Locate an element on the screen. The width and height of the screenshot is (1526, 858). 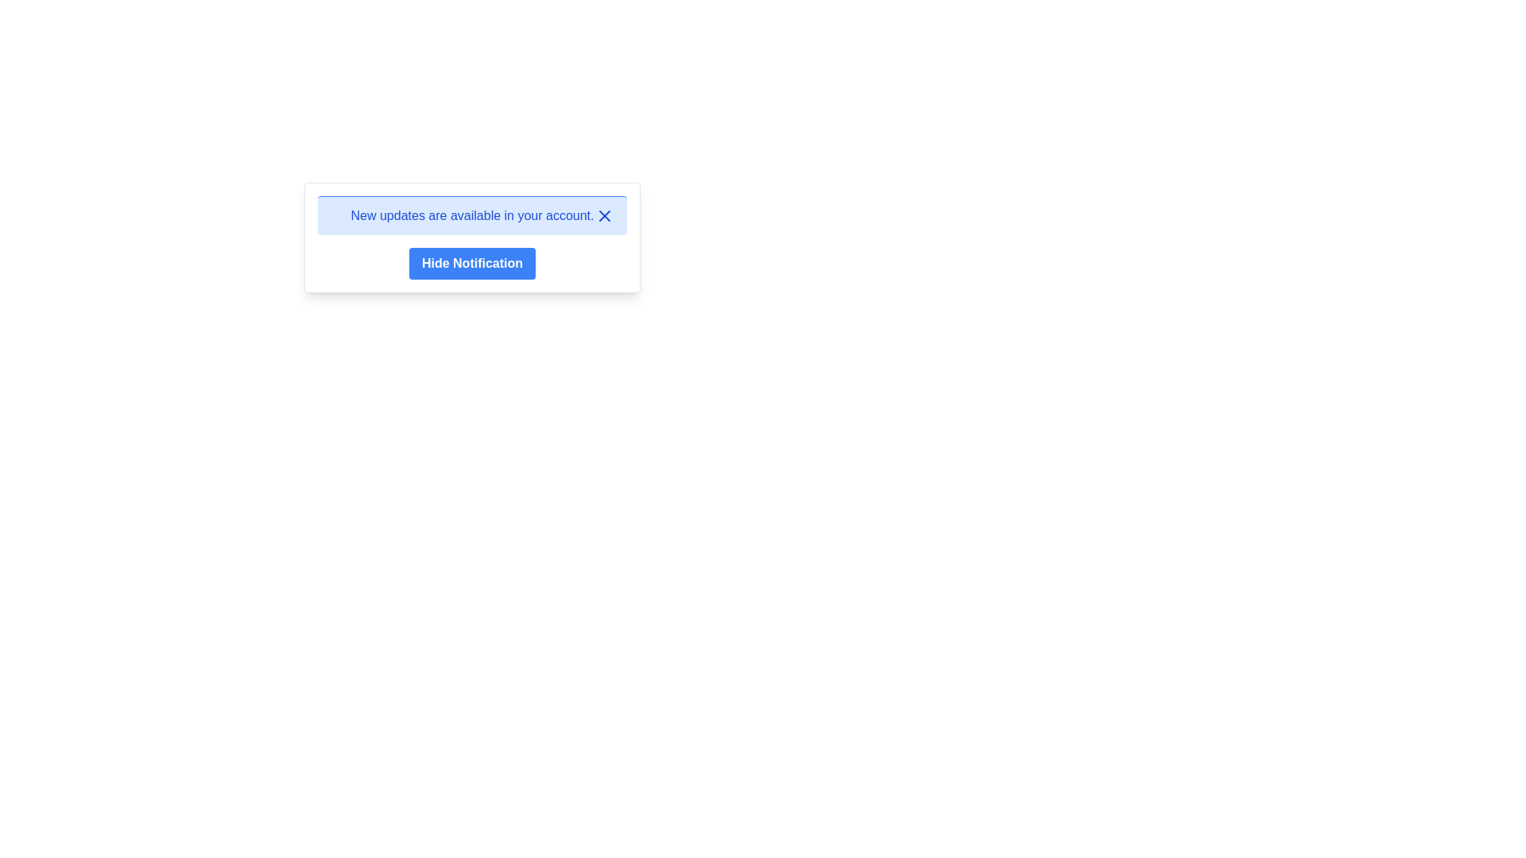
text displayed in the notification box that says 'New updates are available in your account.' is located at coordinates (471, 215).